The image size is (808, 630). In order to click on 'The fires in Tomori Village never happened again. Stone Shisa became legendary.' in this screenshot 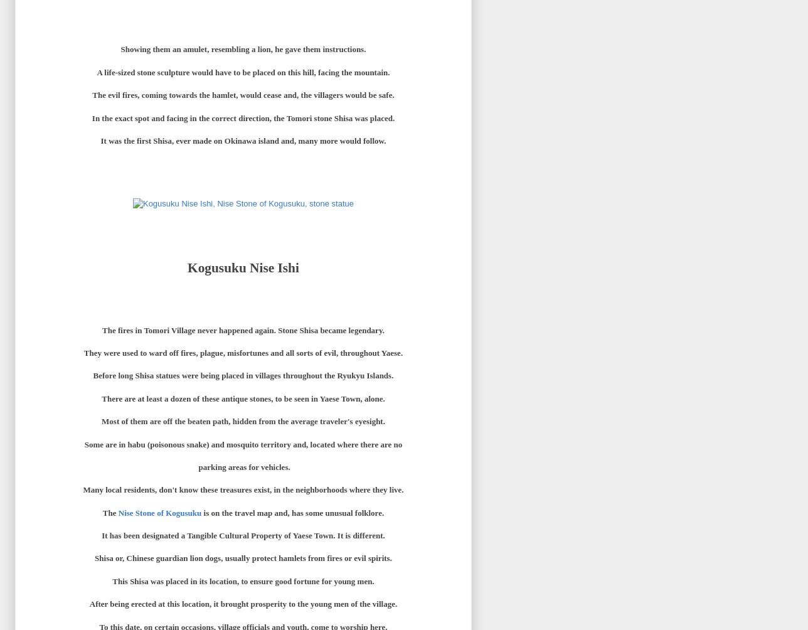, I will do `click(243, 329)`.